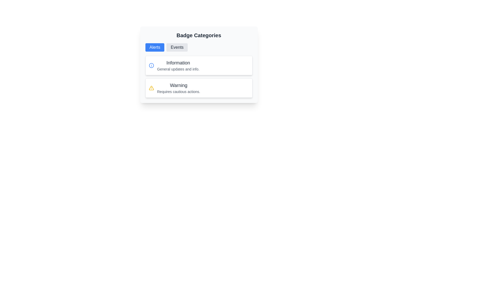 The width and height of the screenshot is (504, 283). What do you see at coordinates (178, 62) in the screenshot?
I see `header text located at the top of the 'Information' section, which serves as a title for content updates` at bounding box center [178, 62].